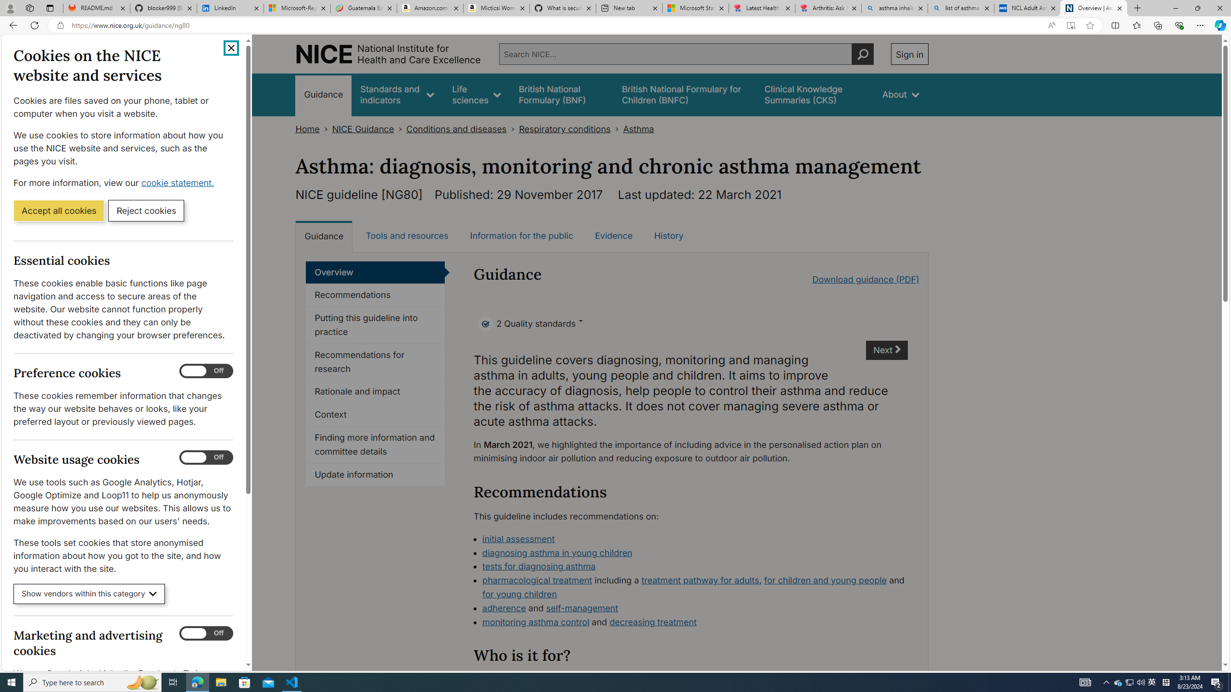  I want to click on 'Recommendations for research', so click(375, 361).